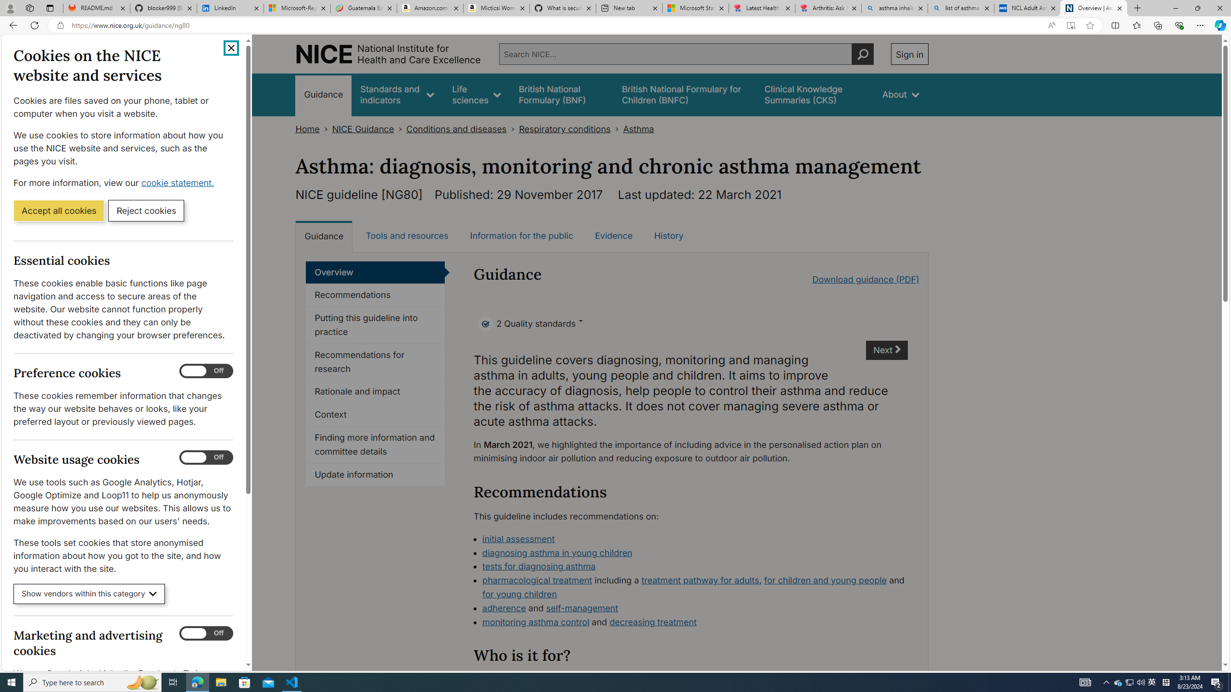  I want to click on 'Recommendations for research', so click(375, 361).